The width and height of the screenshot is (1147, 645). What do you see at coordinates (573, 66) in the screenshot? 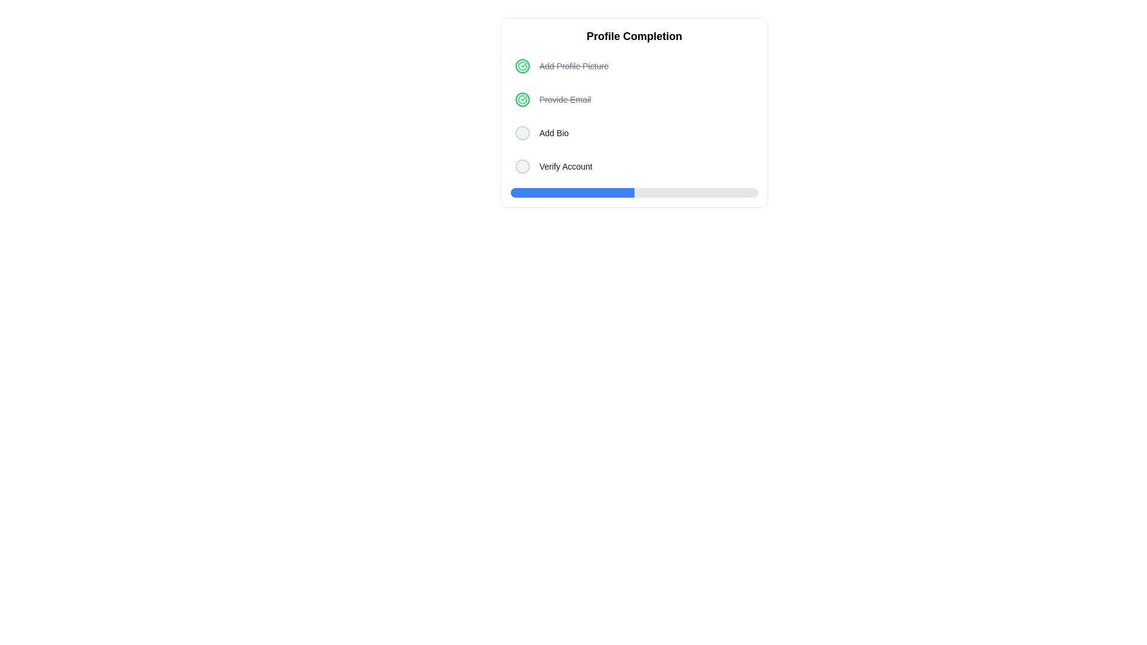
I see `the text label displaying 'Add Profile Picture' which has a gray font color and a line-through decoration, indicating it is deactivated` at bounding box center [573, 66].